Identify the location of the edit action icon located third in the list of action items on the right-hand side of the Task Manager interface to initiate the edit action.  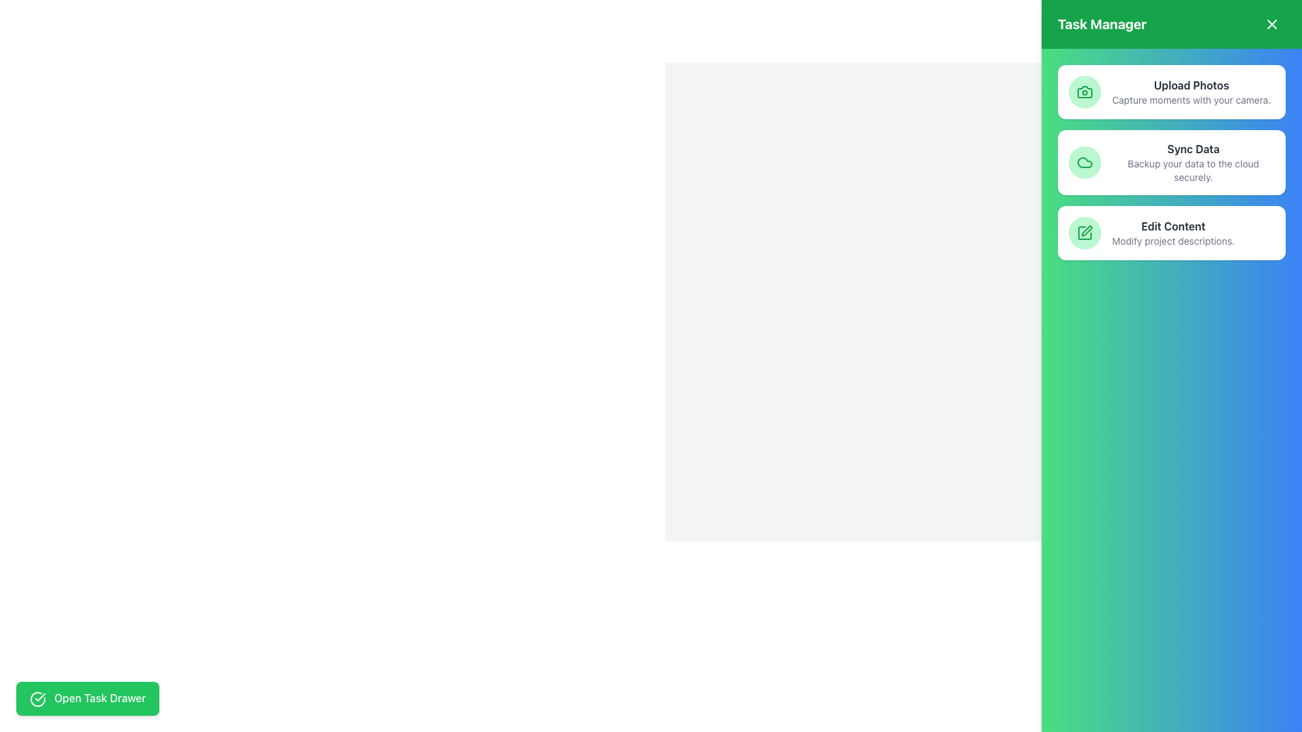
(1084, 232).